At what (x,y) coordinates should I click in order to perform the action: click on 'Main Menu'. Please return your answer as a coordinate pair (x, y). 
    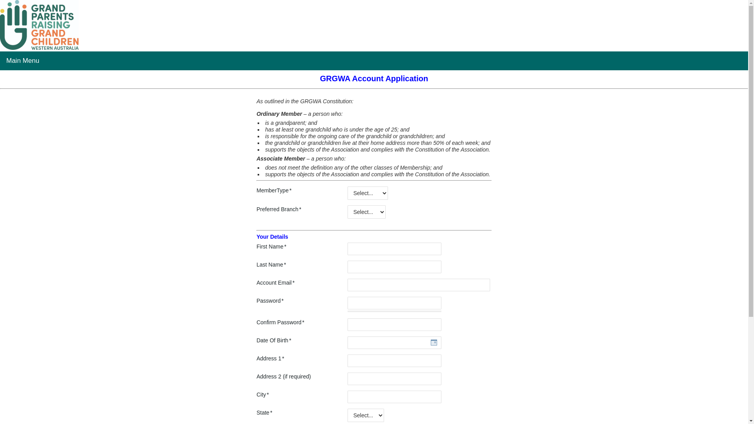
    Looking at the image, I should click on (22, 60).